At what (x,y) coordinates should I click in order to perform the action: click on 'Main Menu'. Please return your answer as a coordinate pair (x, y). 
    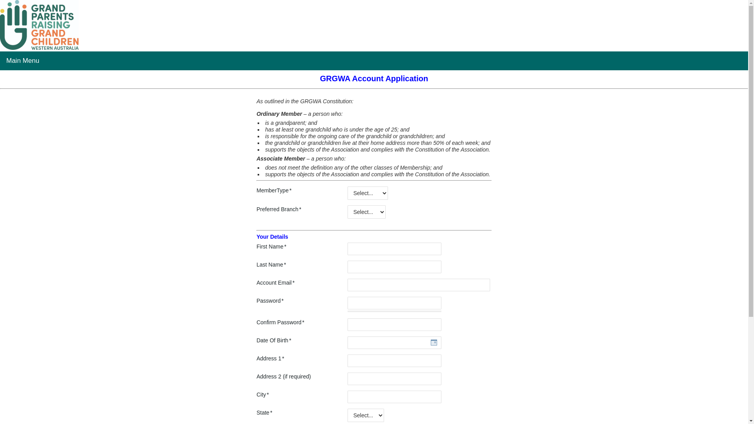
    Looking at the image, I should click on (22, 60).